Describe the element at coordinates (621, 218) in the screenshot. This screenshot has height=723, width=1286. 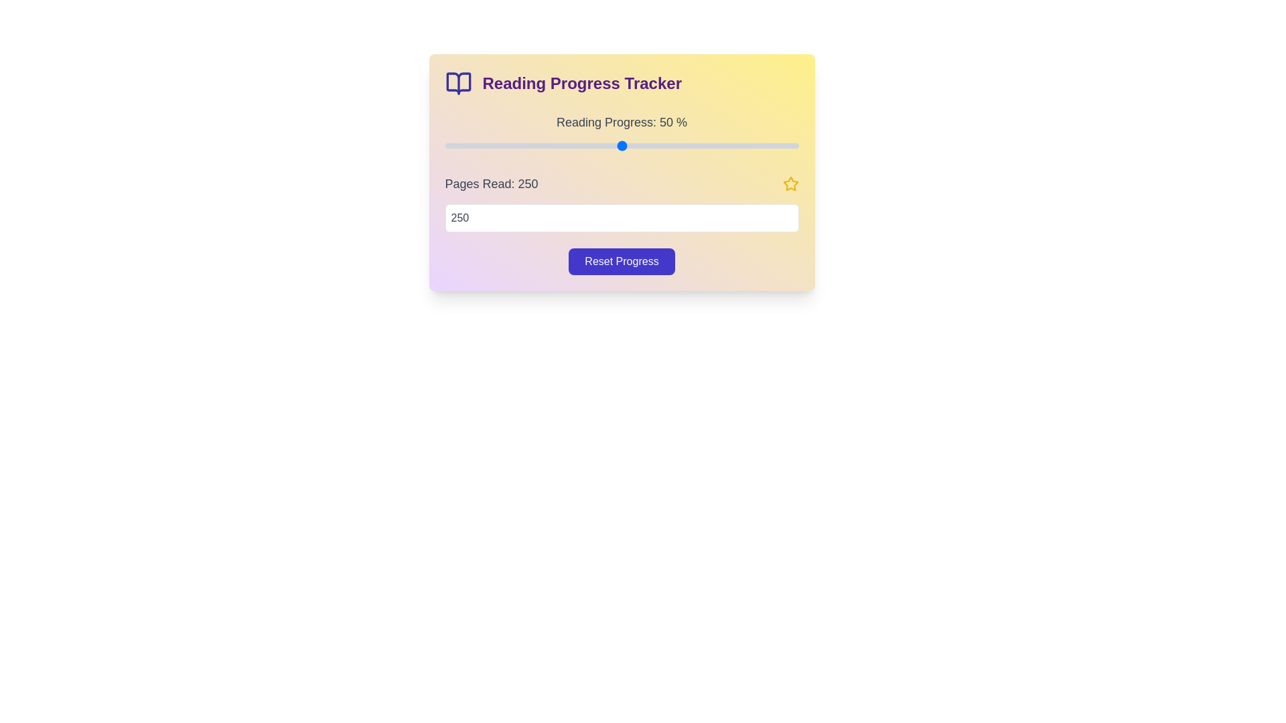
I see `the number of pages read to 100 using the input field` at that location.